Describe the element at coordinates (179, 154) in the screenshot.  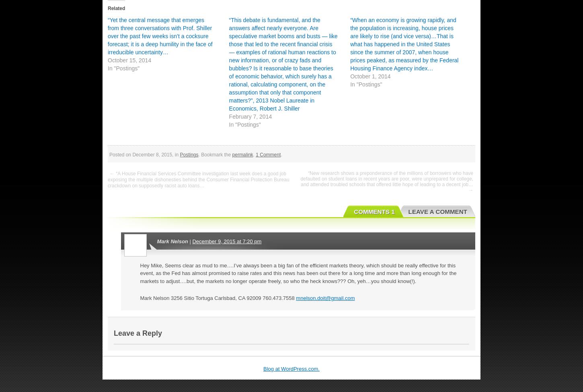
I see `'Postings'` at that location.